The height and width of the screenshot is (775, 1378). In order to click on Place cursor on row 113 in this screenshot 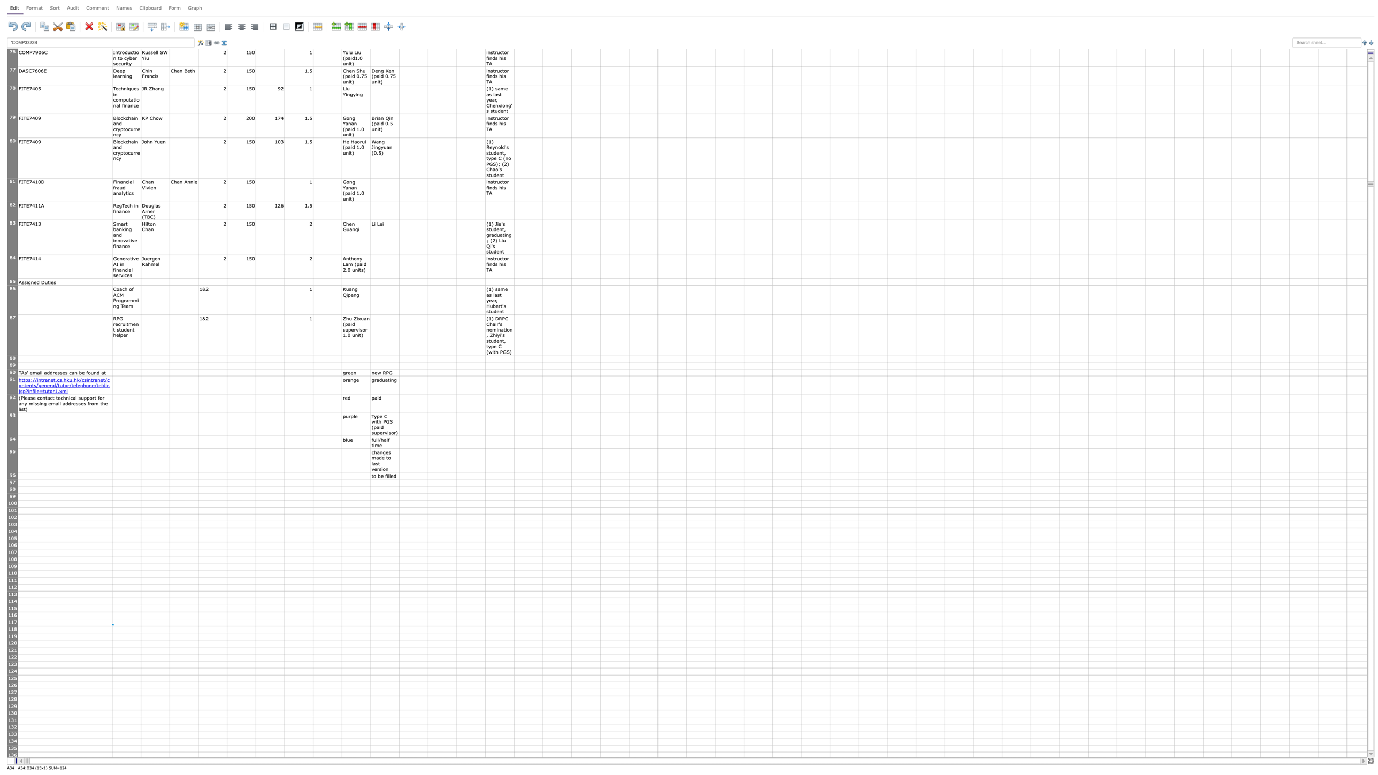, I will do `click(12, 595)`.